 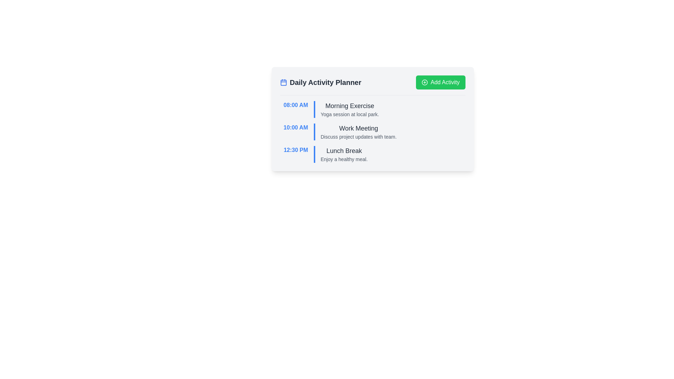 I want to click on text displayed as '10:00 AM' in bold blue color, which indicates the time for the 'Work Meeting' activity, so click(x=297, y=132).